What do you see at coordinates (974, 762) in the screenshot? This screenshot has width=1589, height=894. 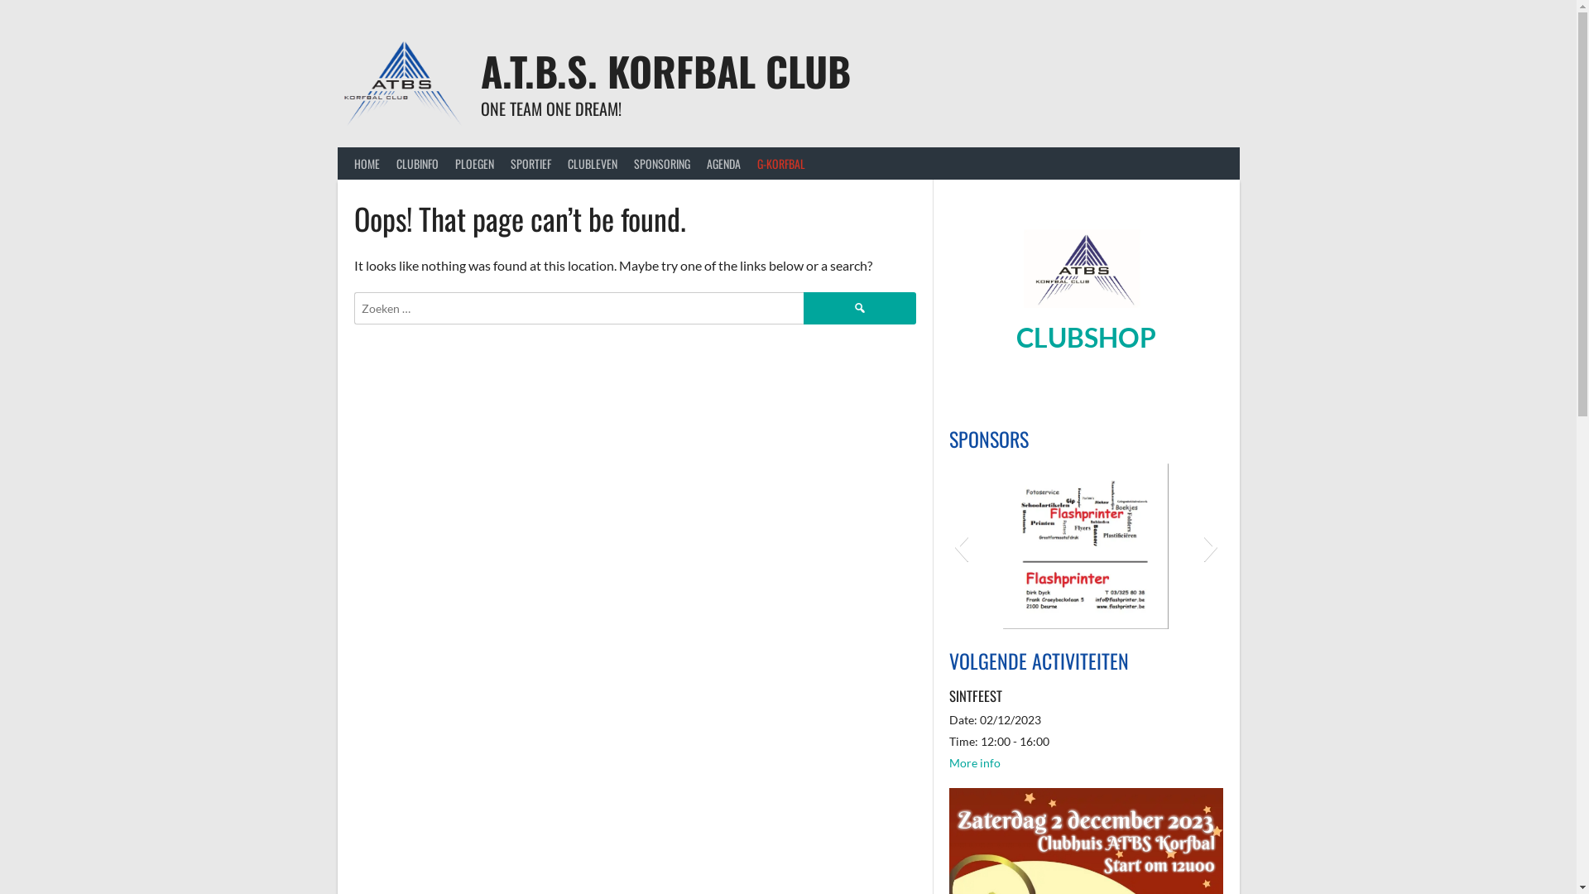 I see `'More info'` at bounding box center [974, 762].